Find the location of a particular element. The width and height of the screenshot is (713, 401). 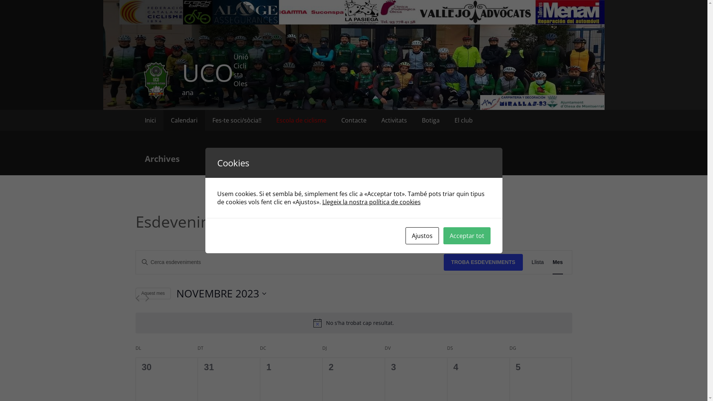

'Acceptar tot' is located at coordinates (466, 236).